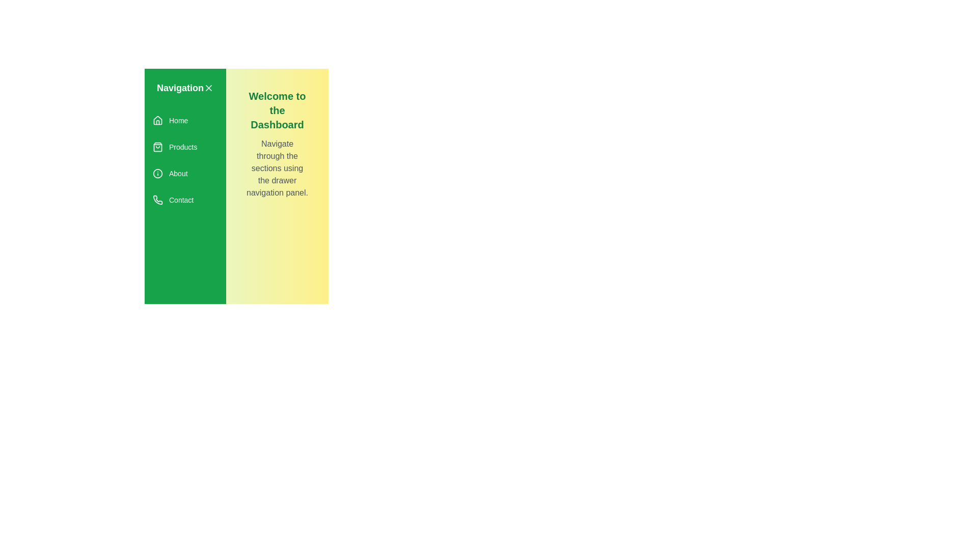 This screenshot has width=978, height=550. Describe the element at coordinates (185, 173) in the screenshot. I see `the menu item About to navigate to the corresponding section` at that location.